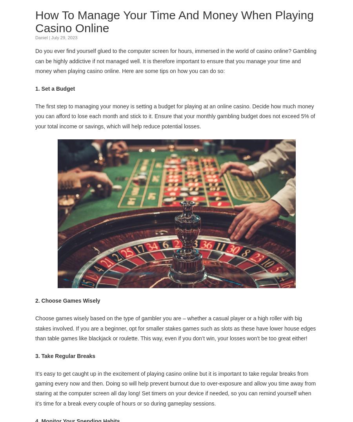 The height and width of the screenshot is (422, 353). I want to click on 'Do you ever find yourself glued to the computer screen for hours, immersed in the world of', so click(146, 50).